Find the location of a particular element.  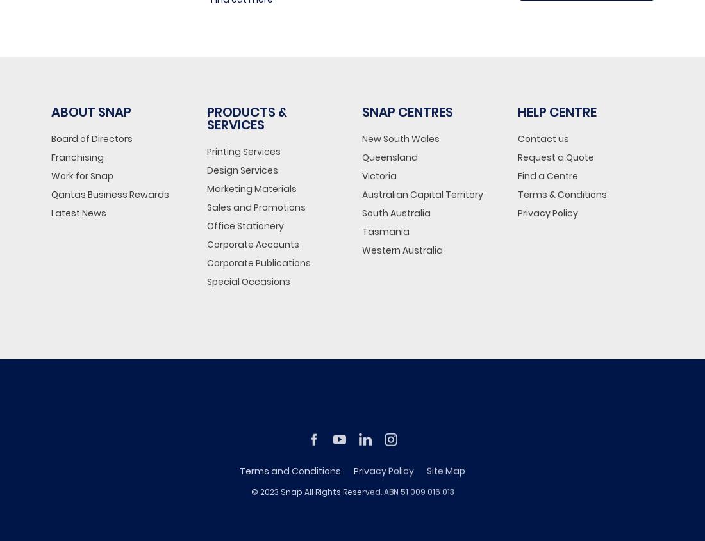

'Terms & Conditions' is located at coordinates (561, 194).